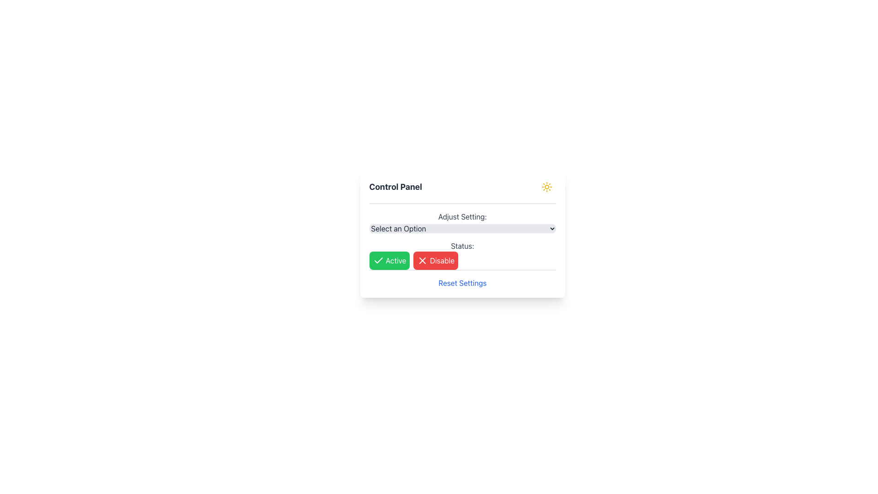  I want to click on an option from the 'Adjust Setting' dropdown menu located centrally below the 'Control Panel' heading, so click(462, 222).